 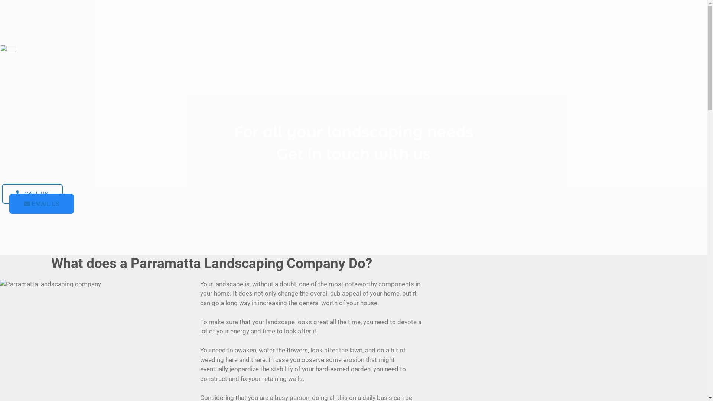 What do you see at coordinates (41, 203) in the screenshot?
I see `'EMAIL US'` at bounding box center [41, 203].